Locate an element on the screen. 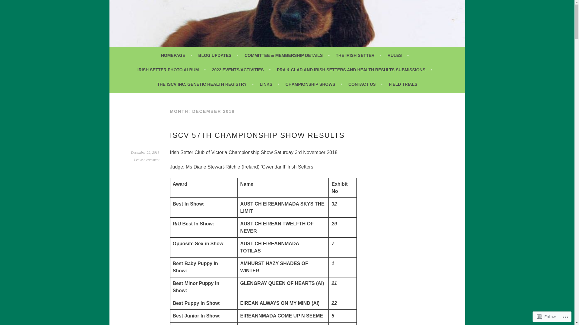 Image resolution: width=579 pixels, height=325 pixels. 'LINKS' is located at coordinates (269, 84).